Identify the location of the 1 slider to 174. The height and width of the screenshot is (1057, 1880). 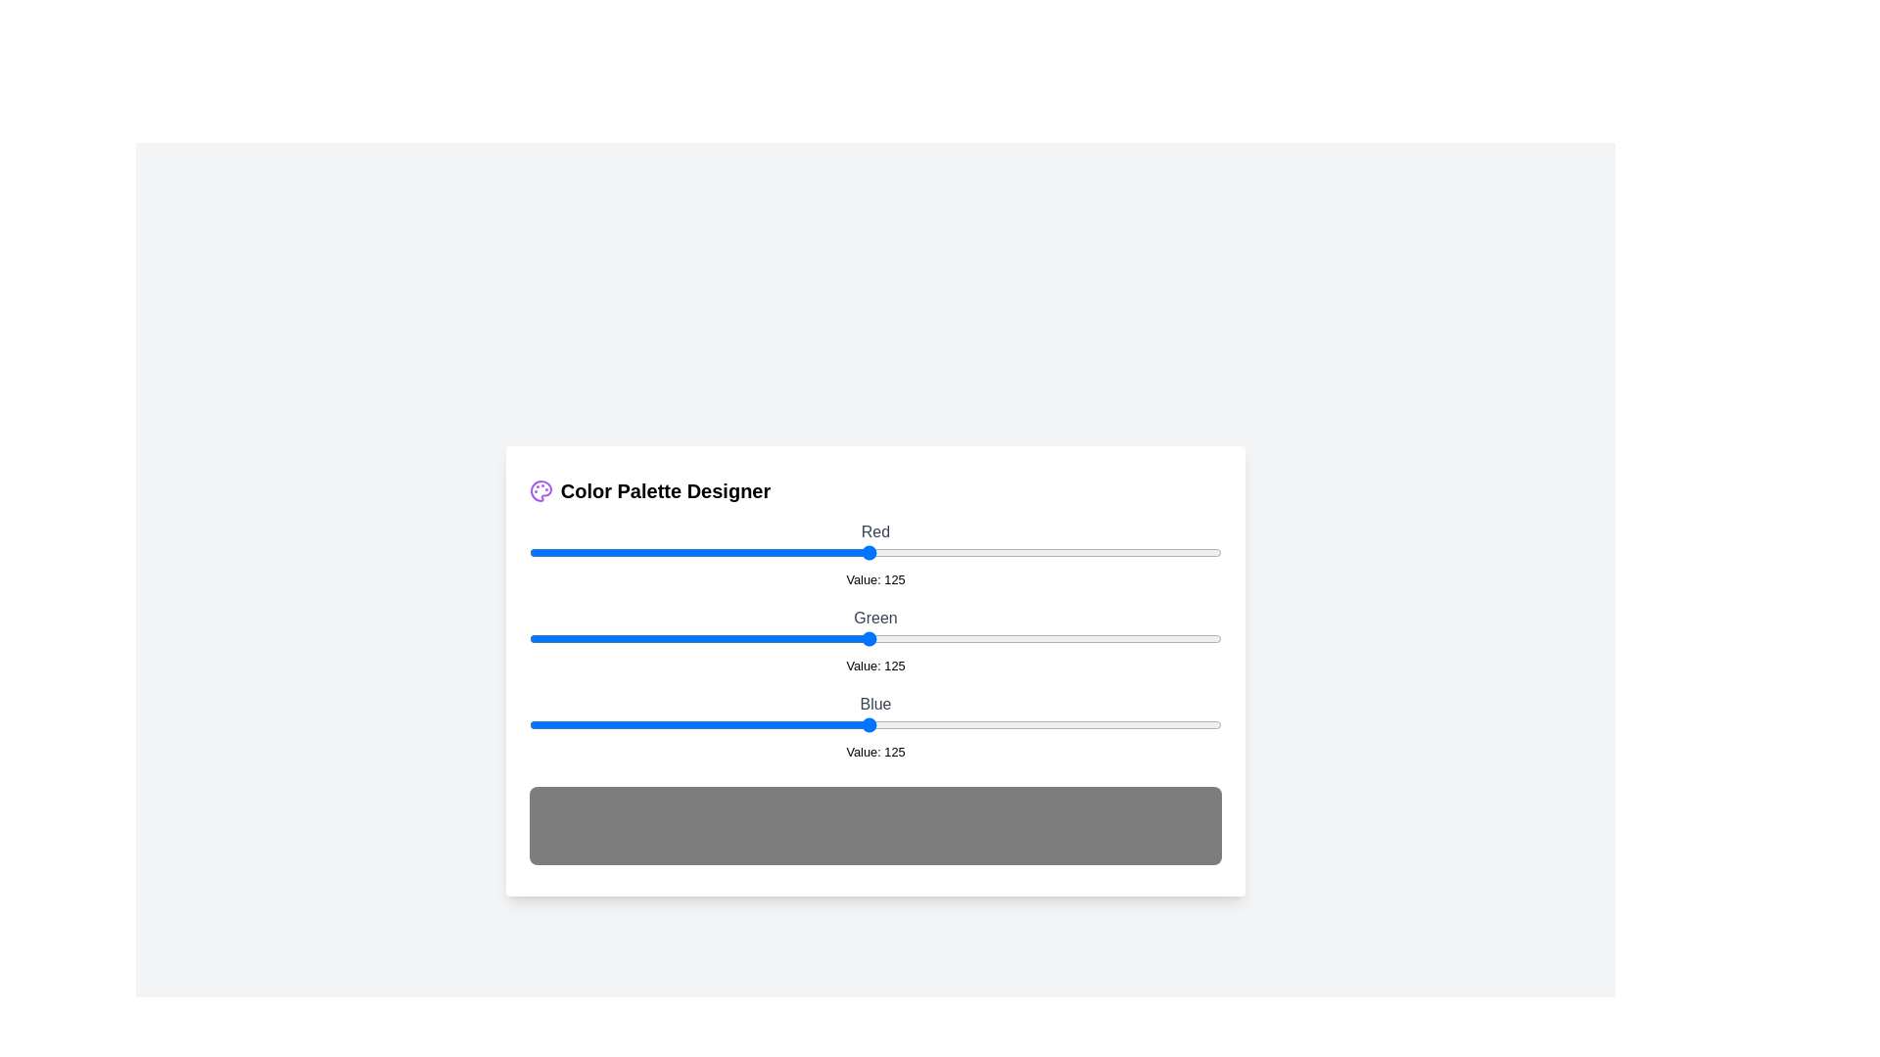
(1002, 638).